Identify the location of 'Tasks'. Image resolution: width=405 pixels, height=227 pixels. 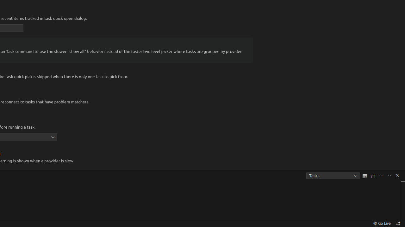
(333, 176).